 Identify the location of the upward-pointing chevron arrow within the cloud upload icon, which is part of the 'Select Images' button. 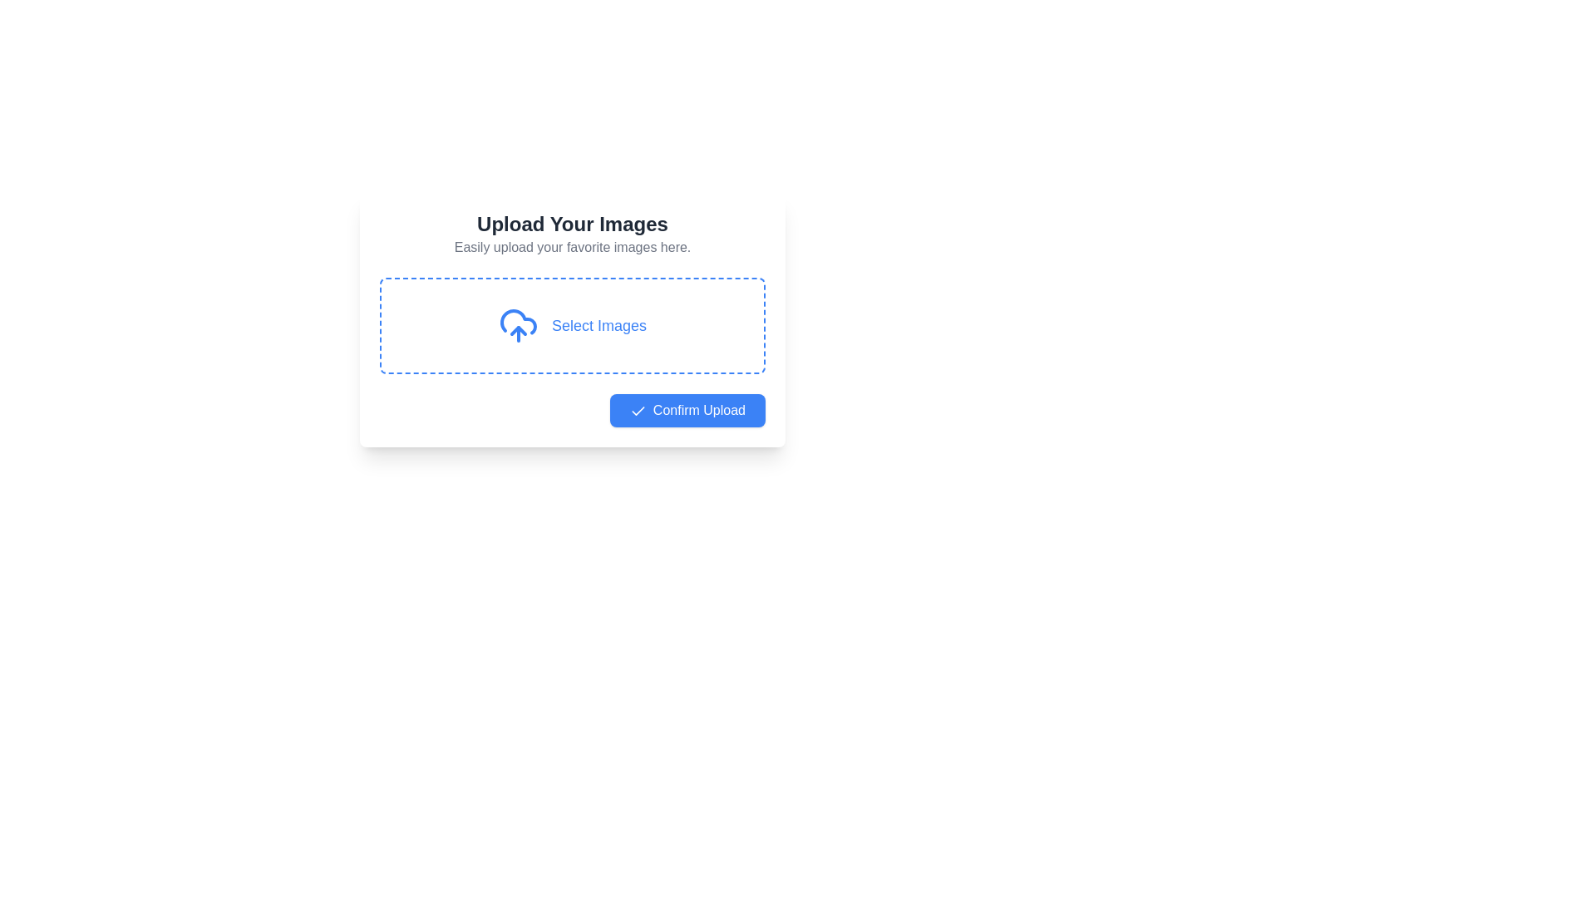
(518, 330).